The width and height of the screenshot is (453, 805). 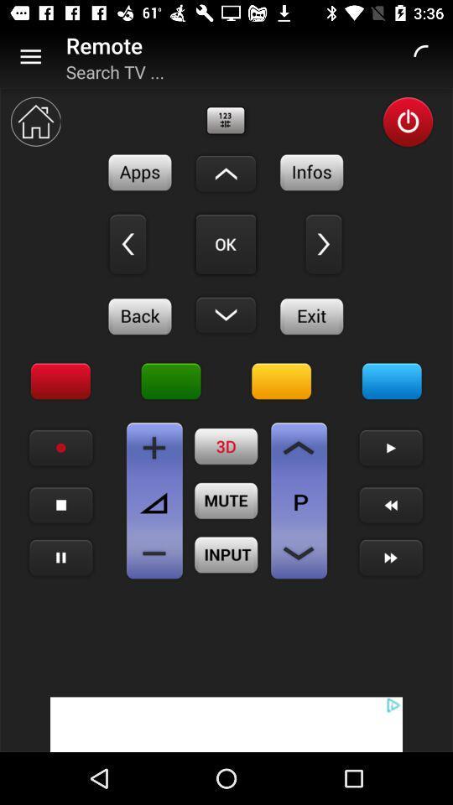 I want to click on details, so click(x=312, y=172).